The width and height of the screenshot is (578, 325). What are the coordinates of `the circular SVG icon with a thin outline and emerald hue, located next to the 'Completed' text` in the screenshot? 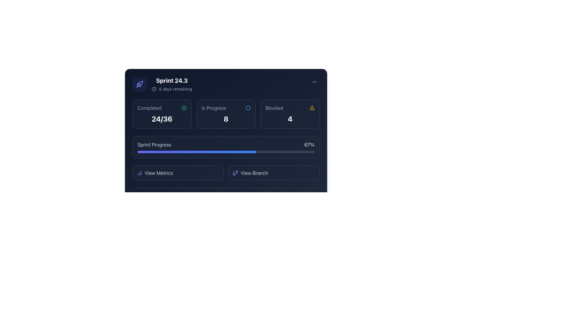 It's located at (184, 107).